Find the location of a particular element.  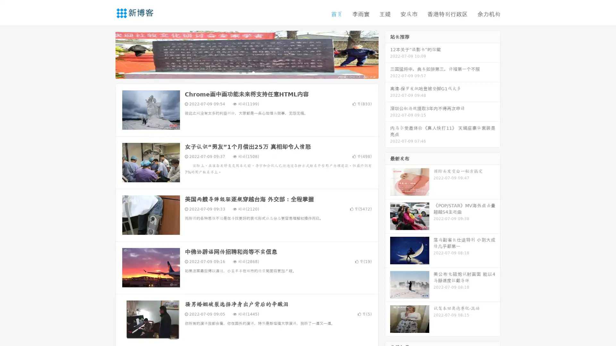

Go to slide 3 is located at coordinates (253, 72).